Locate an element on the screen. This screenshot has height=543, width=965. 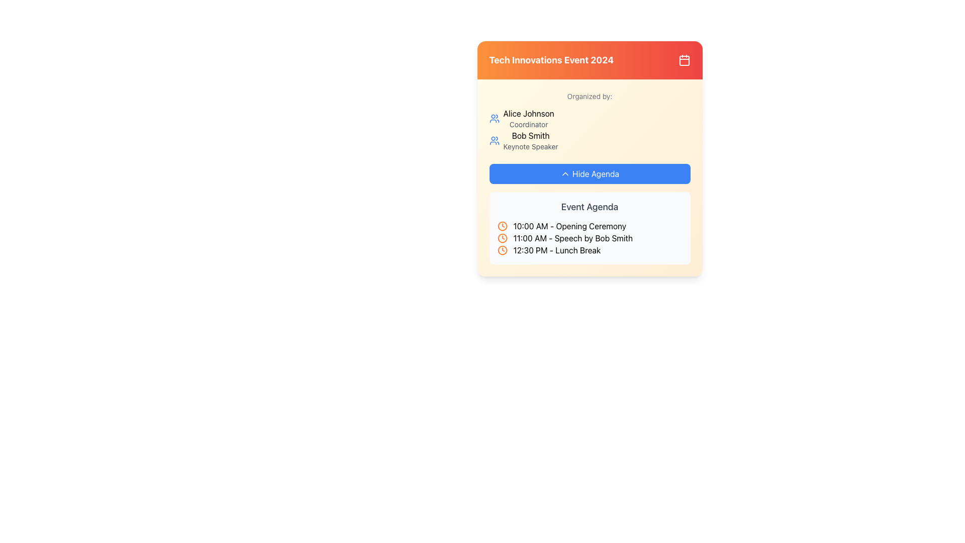
the bold and large-sized text displaying the title 'Tech Innovations Event 2024' which is styled with a vibrant gradient background and positioned at the top-left corner of the header is located at coordinates (551, 60).